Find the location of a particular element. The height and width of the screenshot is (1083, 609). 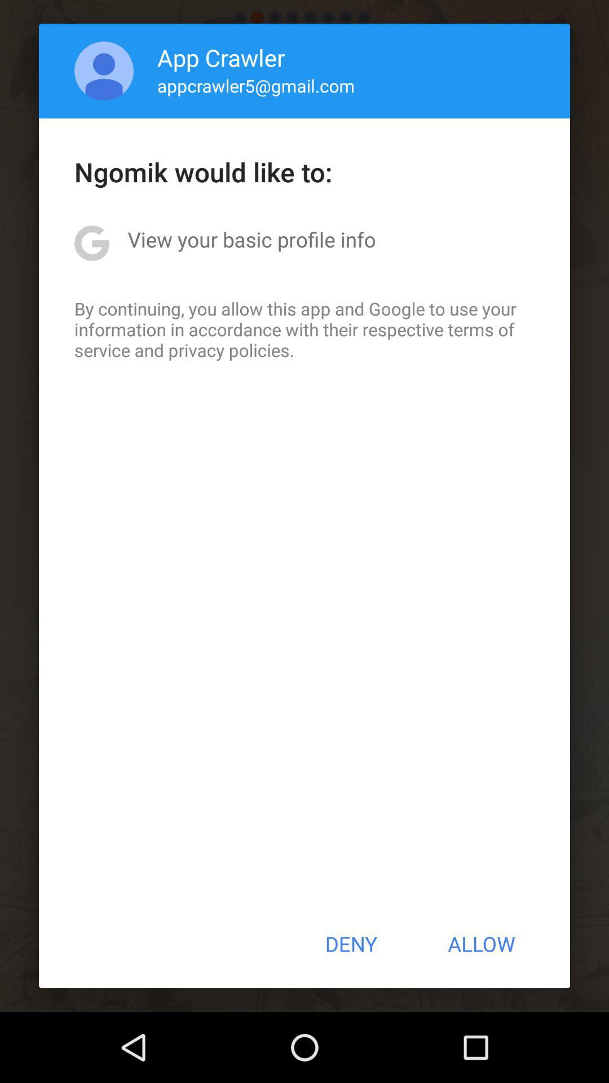

the icon next to allow is located at coordinates (350, 944).